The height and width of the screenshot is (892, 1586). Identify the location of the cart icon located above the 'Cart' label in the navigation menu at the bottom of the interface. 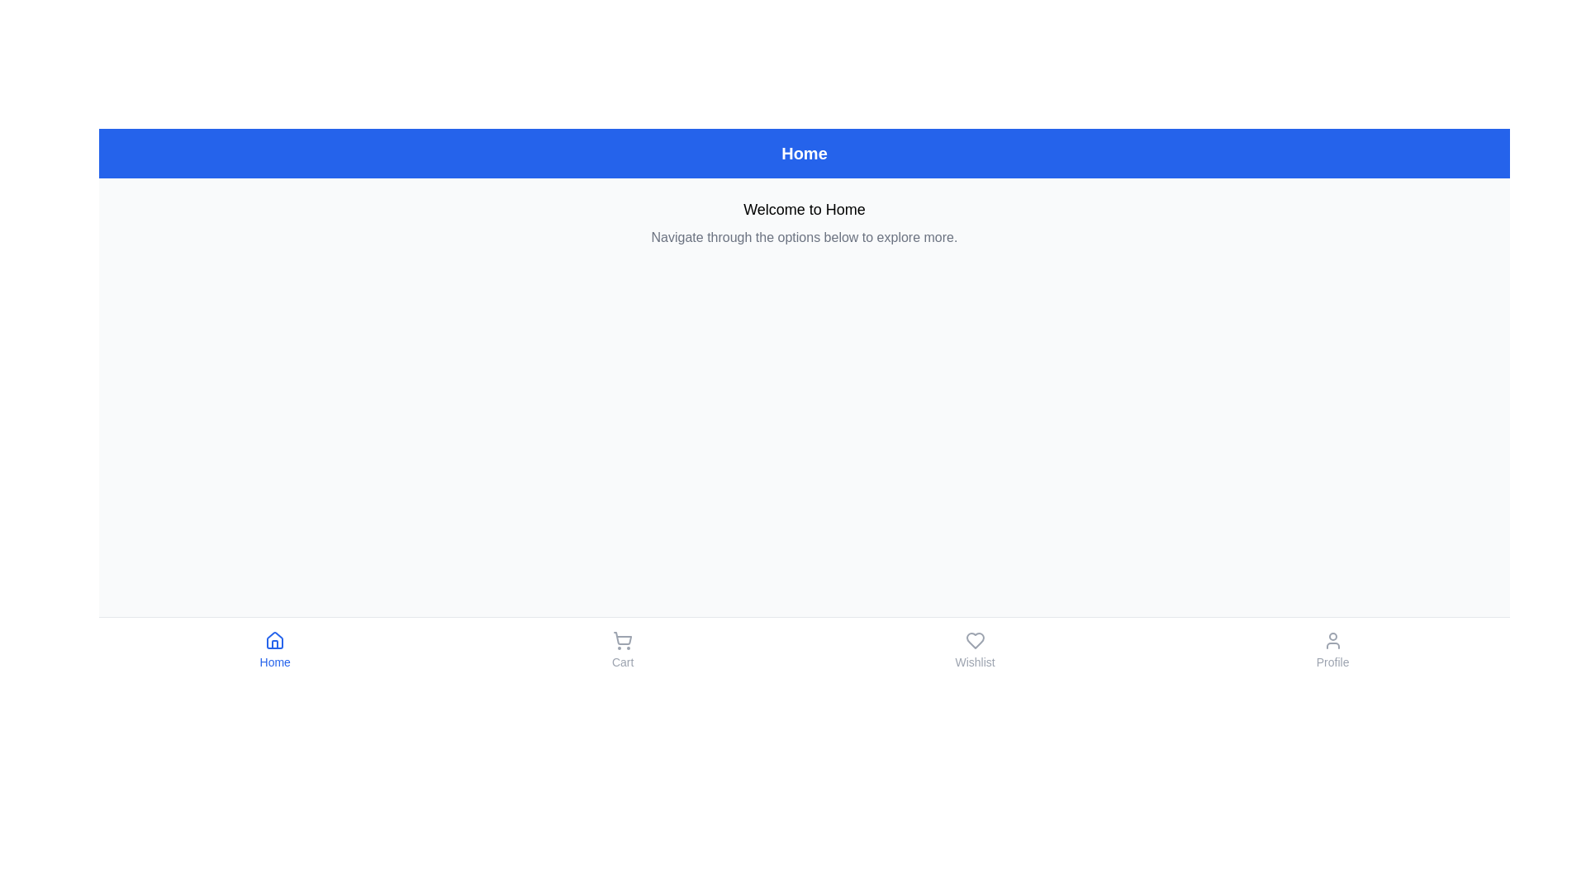
(622, 639).